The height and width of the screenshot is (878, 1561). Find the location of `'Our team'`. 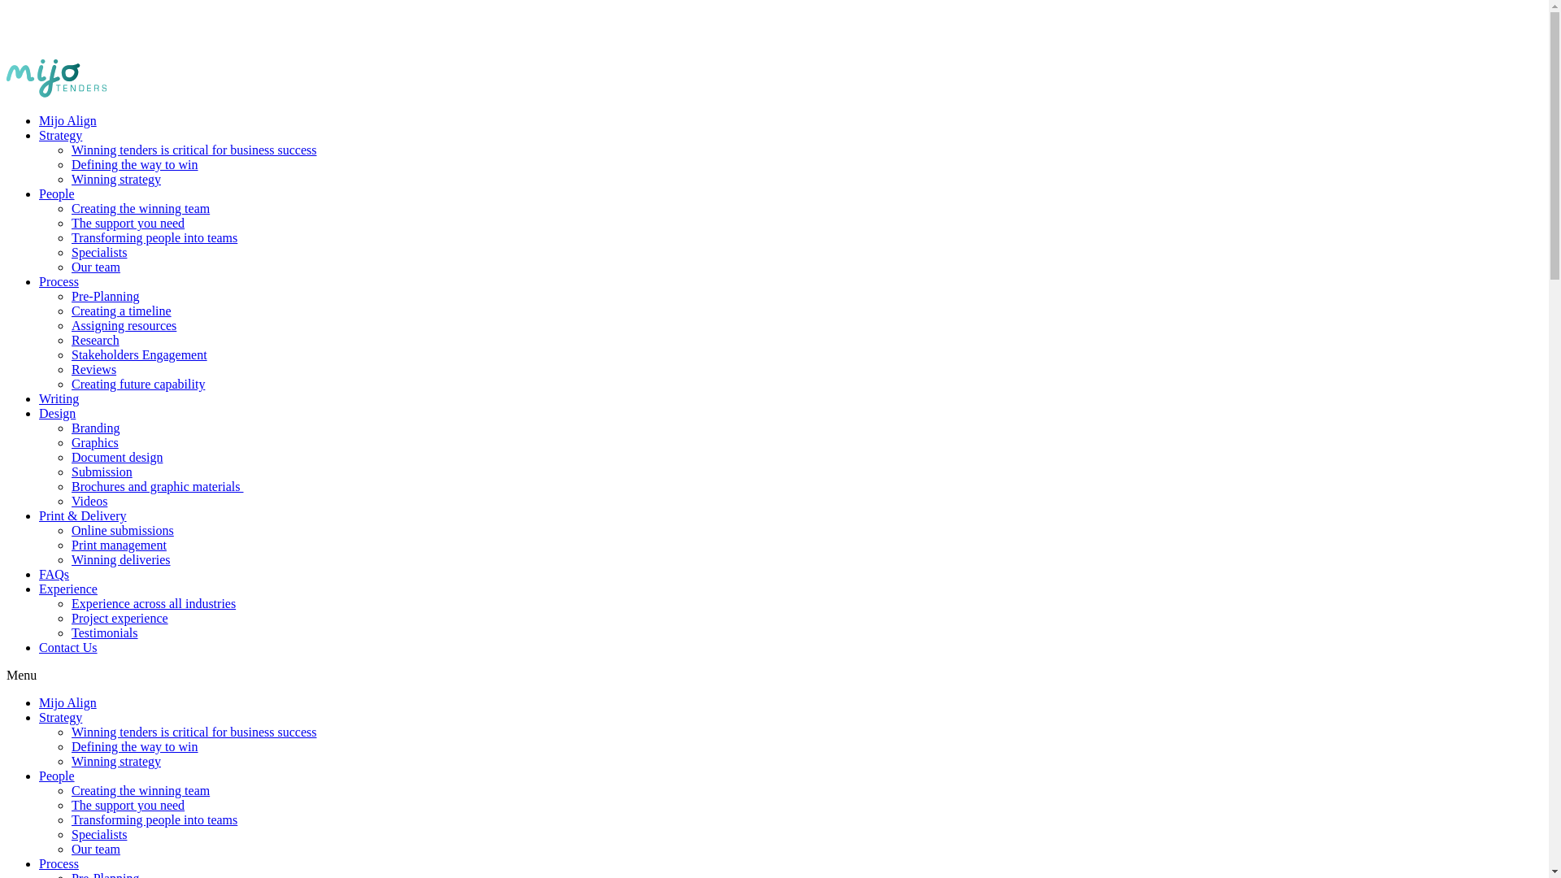

'Our team' is located at coordinates (95, 266).